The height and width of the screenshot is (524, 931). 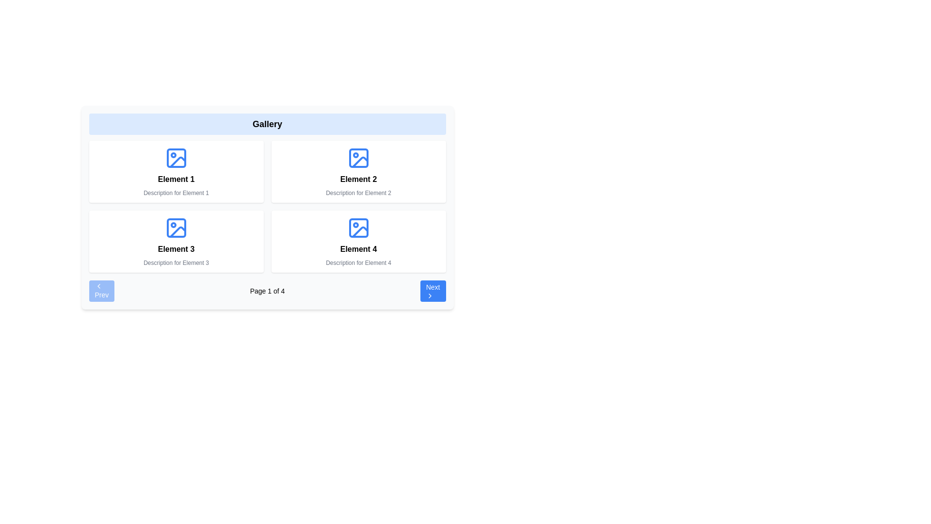 What do you see at coordinates (432, 291) in the screenshot?
I see `the rectangular blue button labeled 'Next' with a right-pointing chevron` at bounding box center [432, 291].